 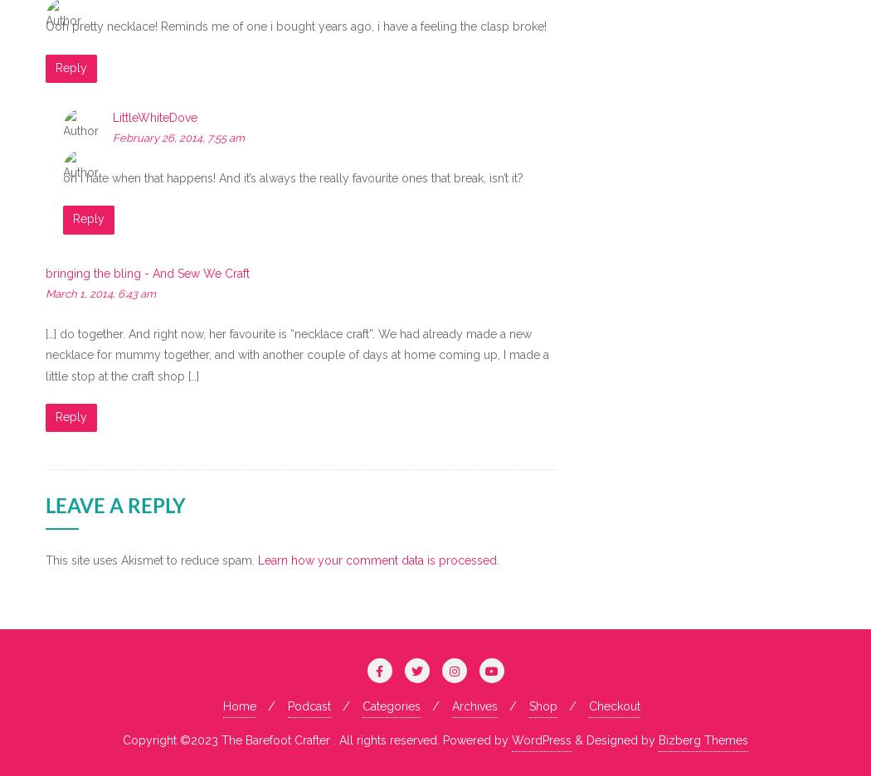 I want to click on 'WordPress', so click(x=540, y=739).